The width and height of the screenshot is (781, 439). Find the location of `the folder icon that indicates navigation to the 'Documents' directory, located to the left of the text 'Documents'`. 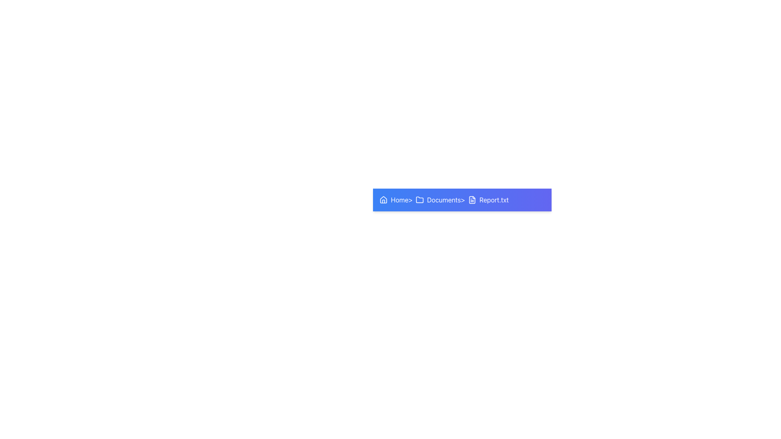

the folder icon that indicates navigation to the 'Documents' directory, located to the left of the text 'Documents' is located at coordinates (420, 200).